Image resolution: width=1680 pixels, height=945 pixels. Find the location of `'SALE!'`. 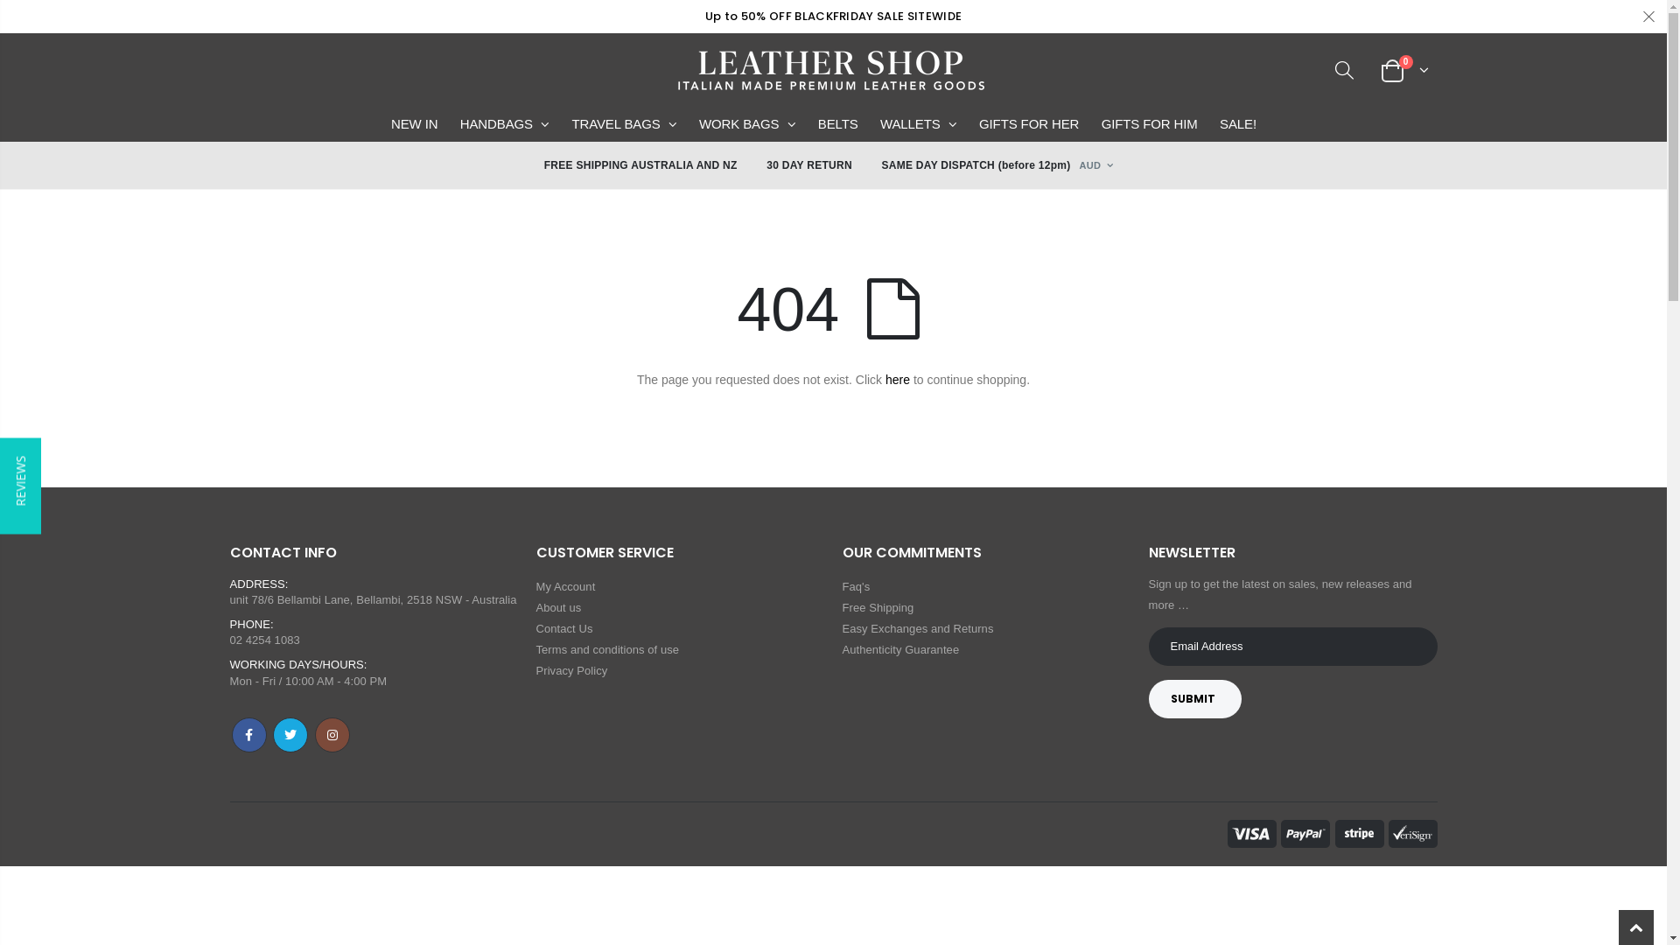

'SALE!' is located at coordinates (1246, 118).